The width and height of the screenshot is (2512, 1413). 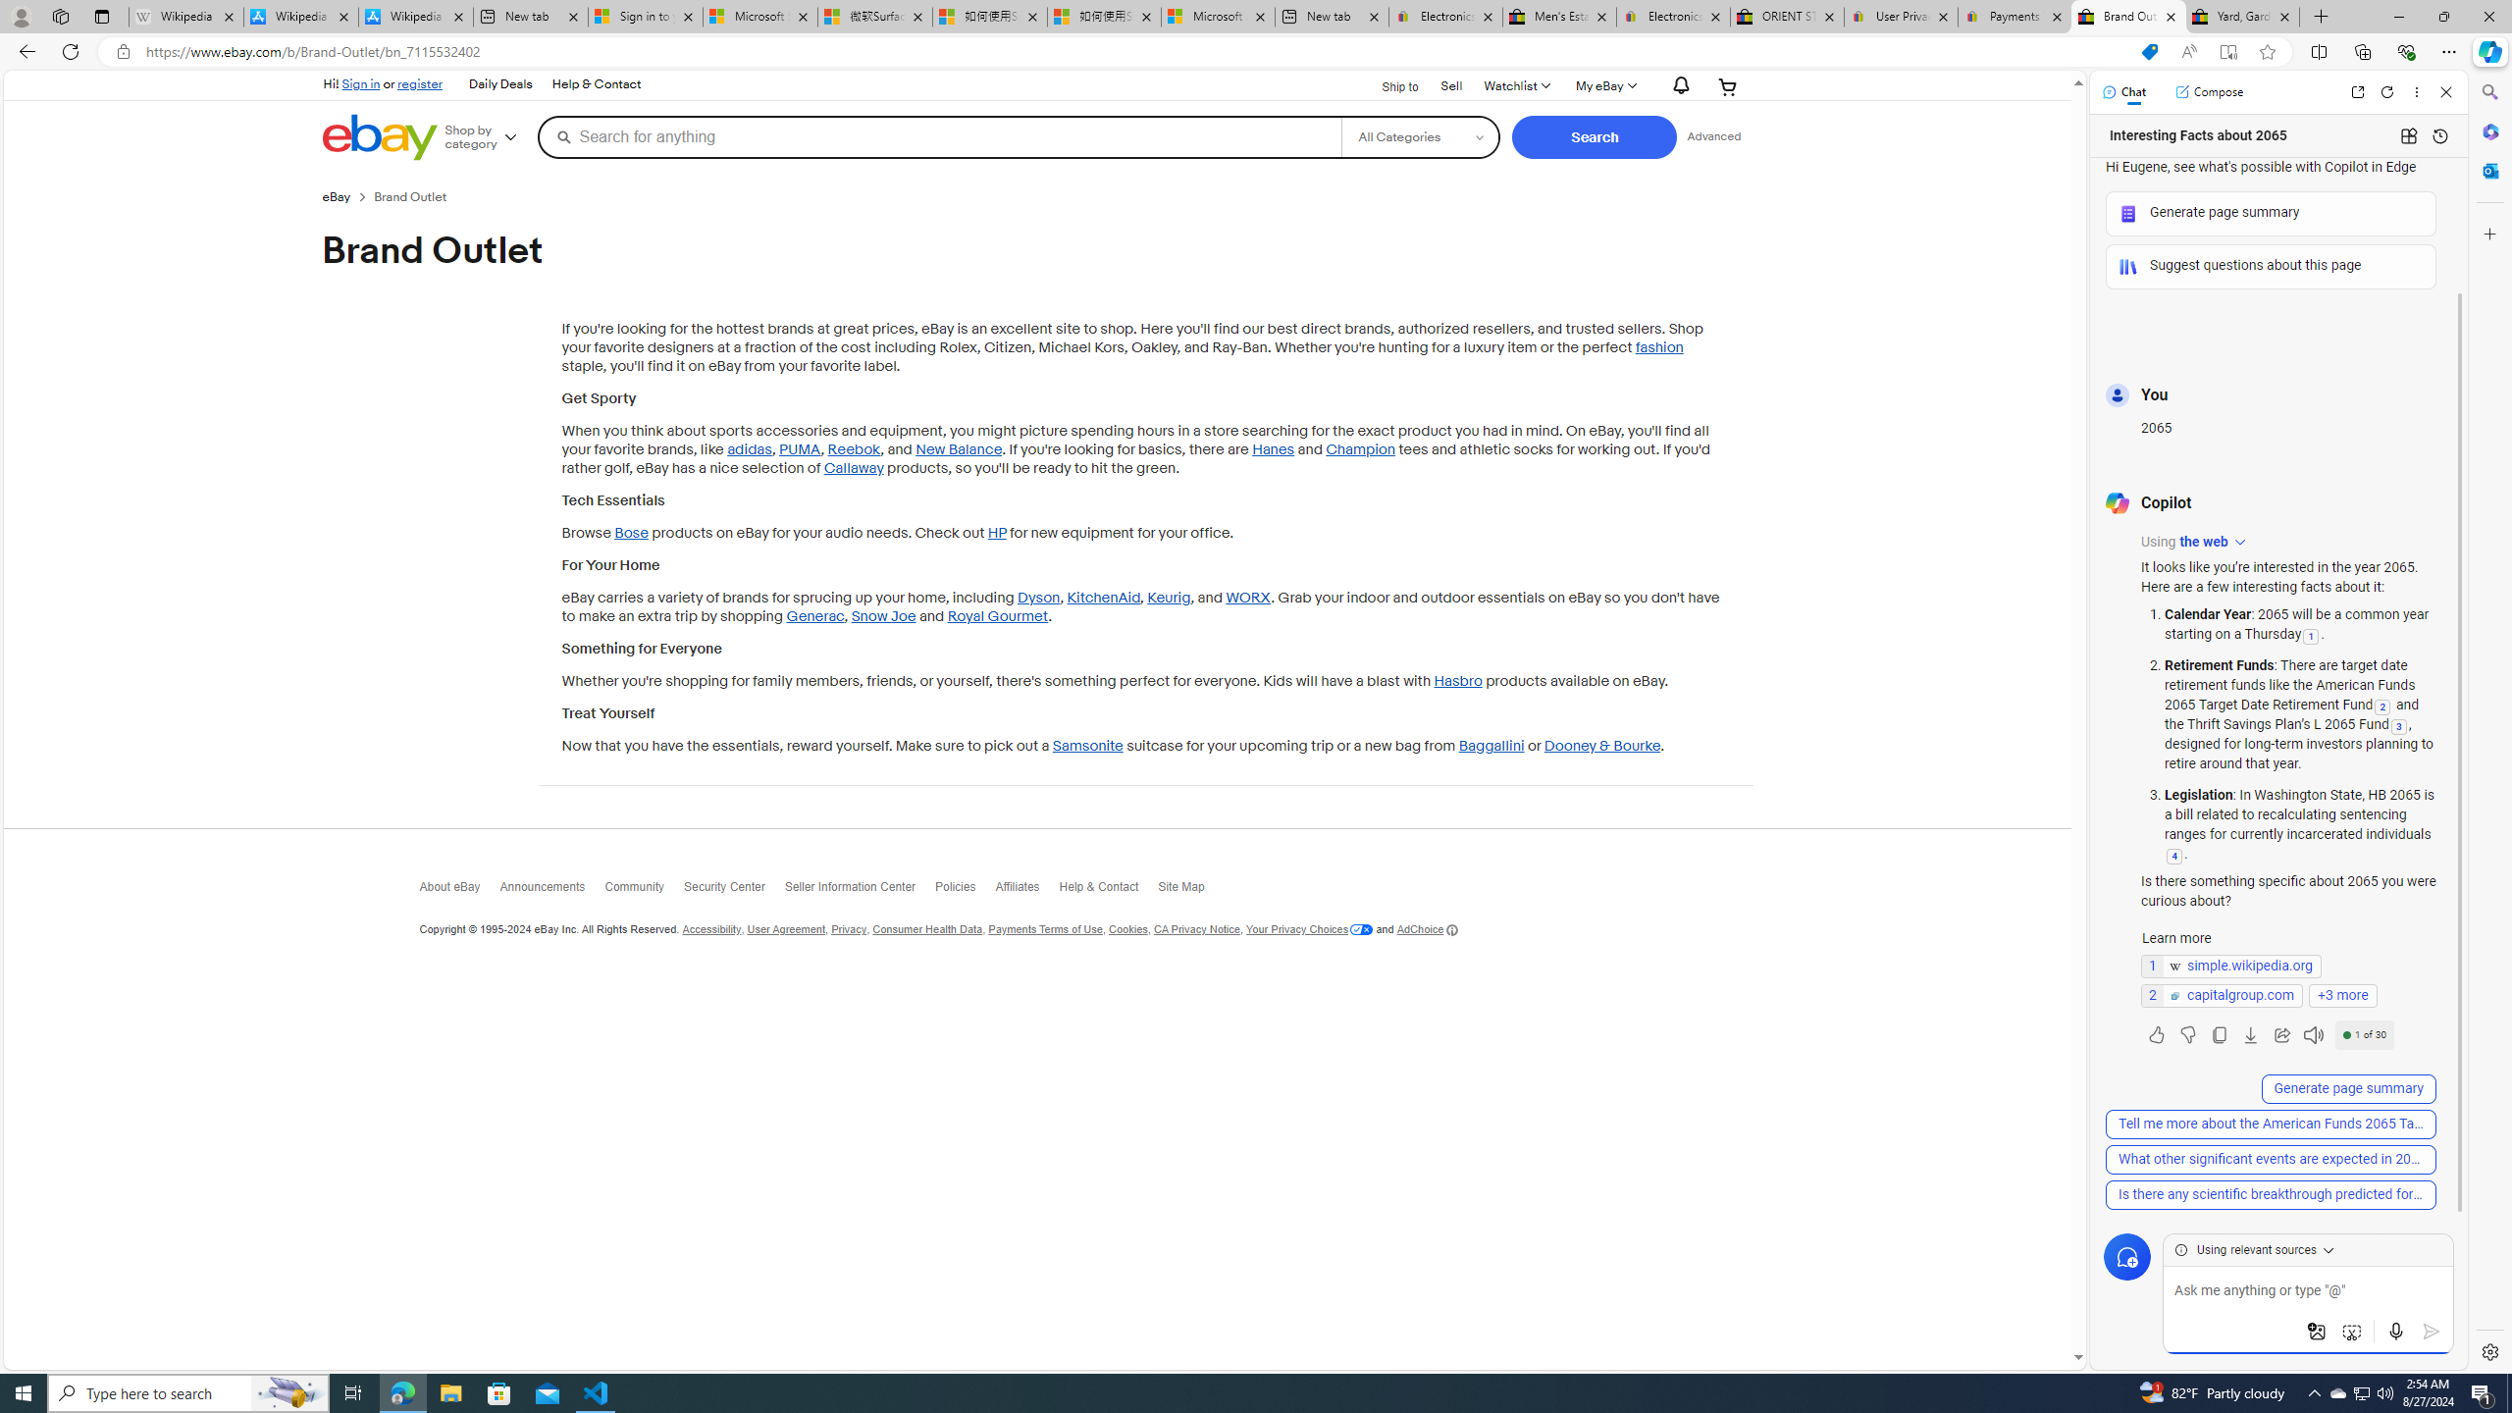 I want to click on 'Announcements', so click(x=551, y=890).